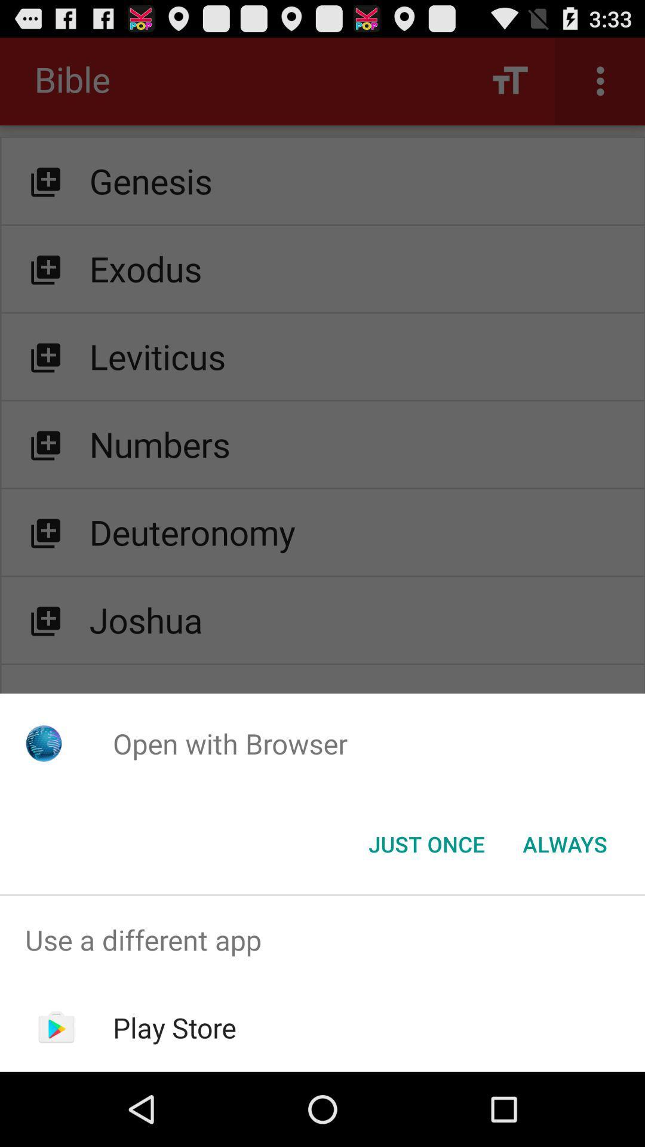 The height and width of the screenshot is (1147, 645). I want to click on icon to the right of the just once, so click(564, 843).